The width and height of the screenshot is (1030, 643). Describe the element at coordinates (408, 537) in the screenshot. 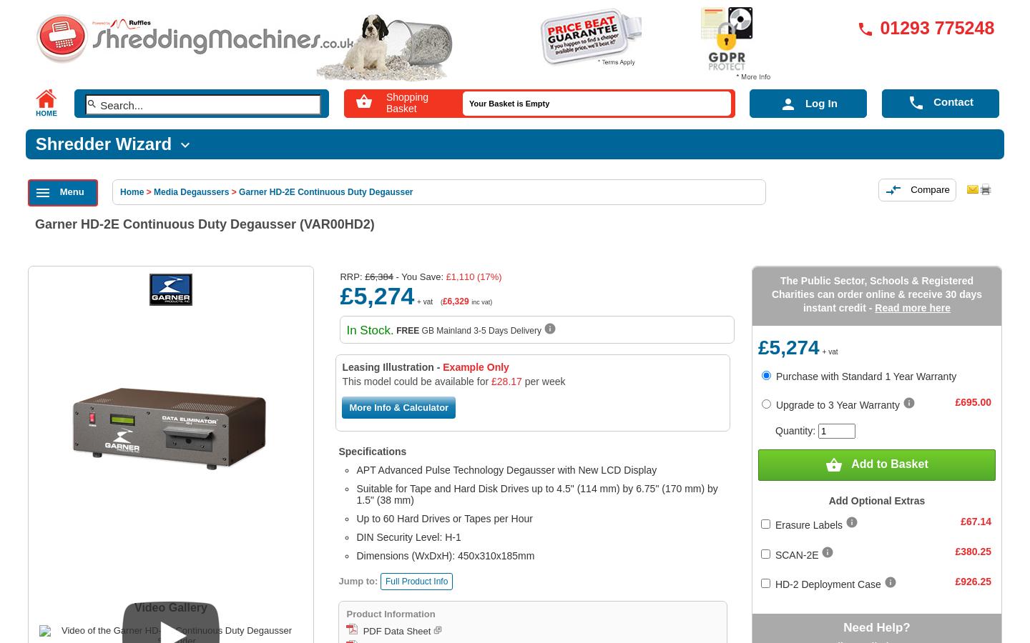

I see `'DIN Security Level: H-1'` at that location.